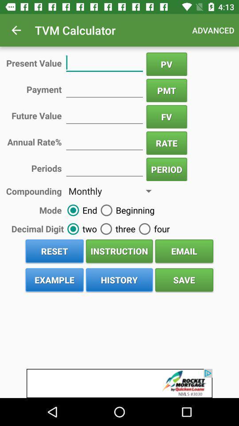 Image resolution: width=239 pixels, height=426 pixels. What do you see at coordinates (104, 167) in the screenshot?
I see `write period` at bounding box center [104, 167].